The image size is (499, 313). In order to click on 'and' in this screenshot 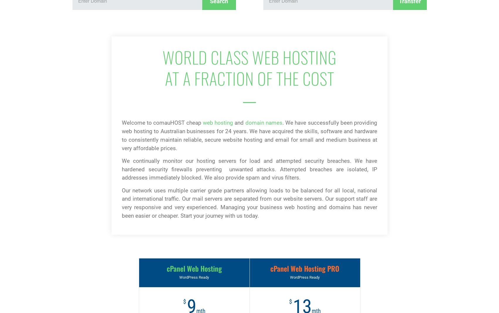, I will do `click(239, 122)`.